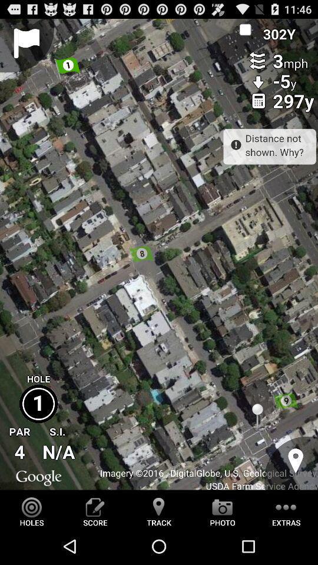 The height and width of the screenshot is (565, 318). I want to click on full page, so click(159, 254).